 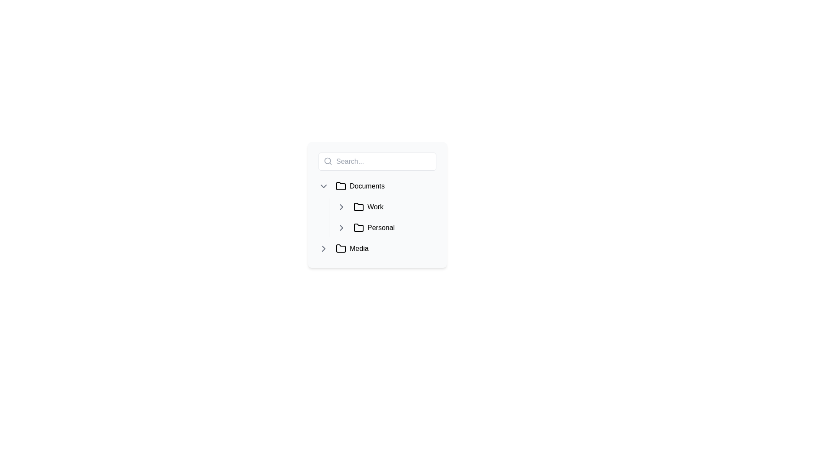 What do you see at coordinates (393, 227) in the screenshot?
I see `the 'Personal' folder item in the navigational tree structure, located beneath the 'Documents' heading and above the 'Media' section` at bounding box center [393, 227].